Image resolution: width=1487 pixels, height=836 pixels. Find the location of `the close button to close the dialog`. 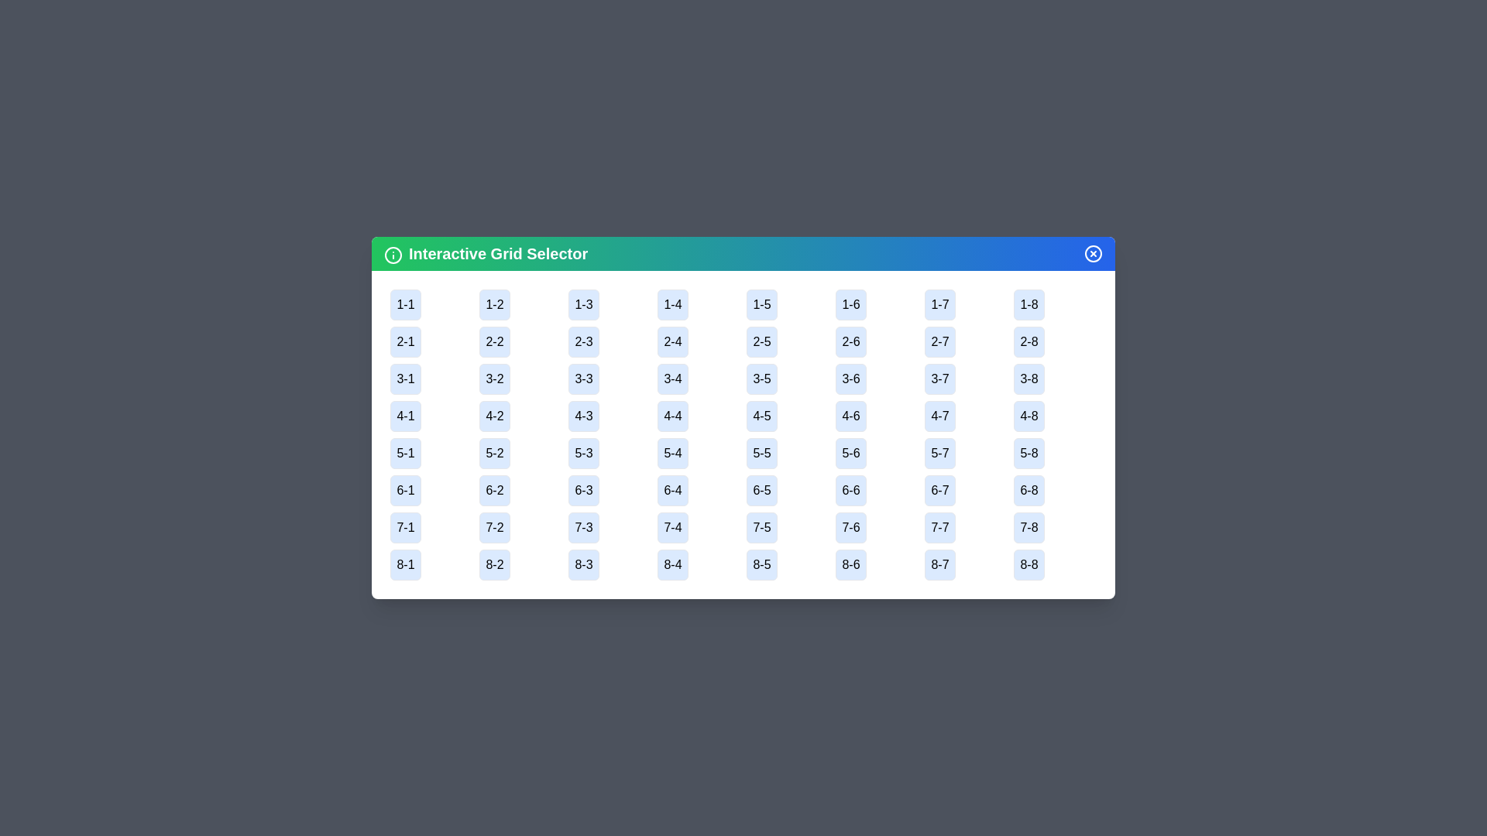

the close button to close the dialog is located at coordinates (1092, 252).